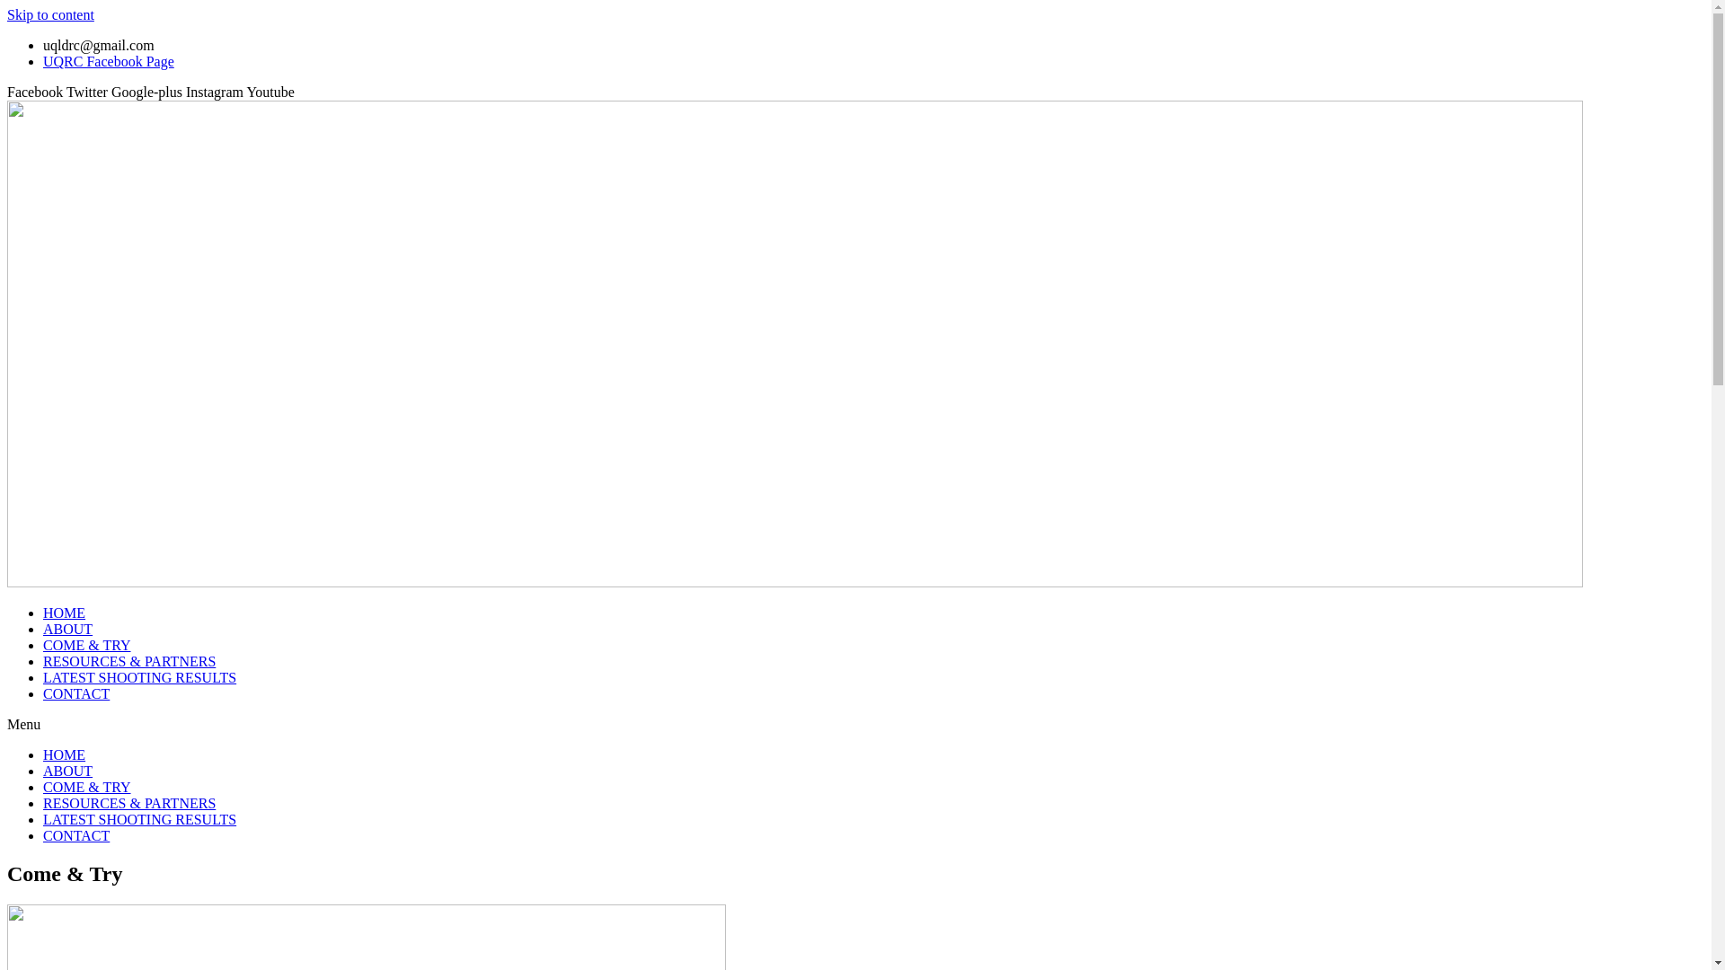 This screenshot has height=970, width=1725. What do you see at coordinates (67, 770) in the screenshot?
I see `'ABOUT'` at bounding box center [67, 770].